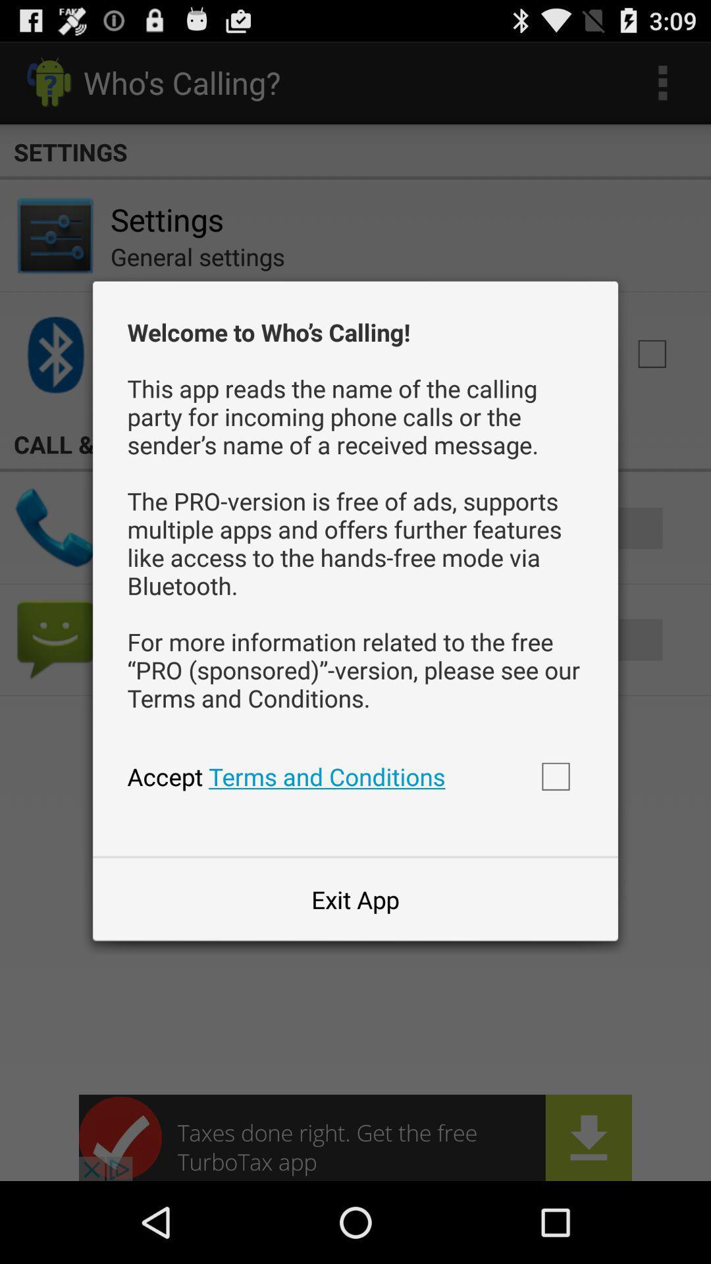  Describe the element at coordinates (355, 899) in the screenshot. I see `exit app button` at that location.